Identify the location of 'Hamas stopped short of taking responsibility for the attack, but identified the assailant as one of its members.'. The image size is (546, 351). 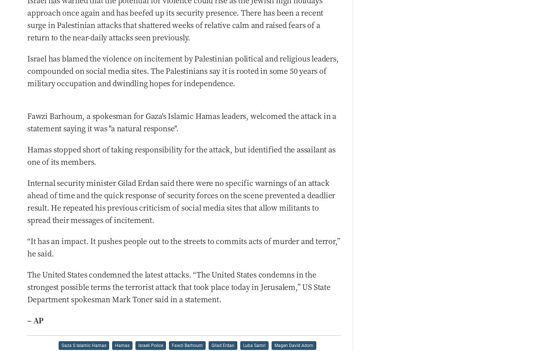
(181, 155).